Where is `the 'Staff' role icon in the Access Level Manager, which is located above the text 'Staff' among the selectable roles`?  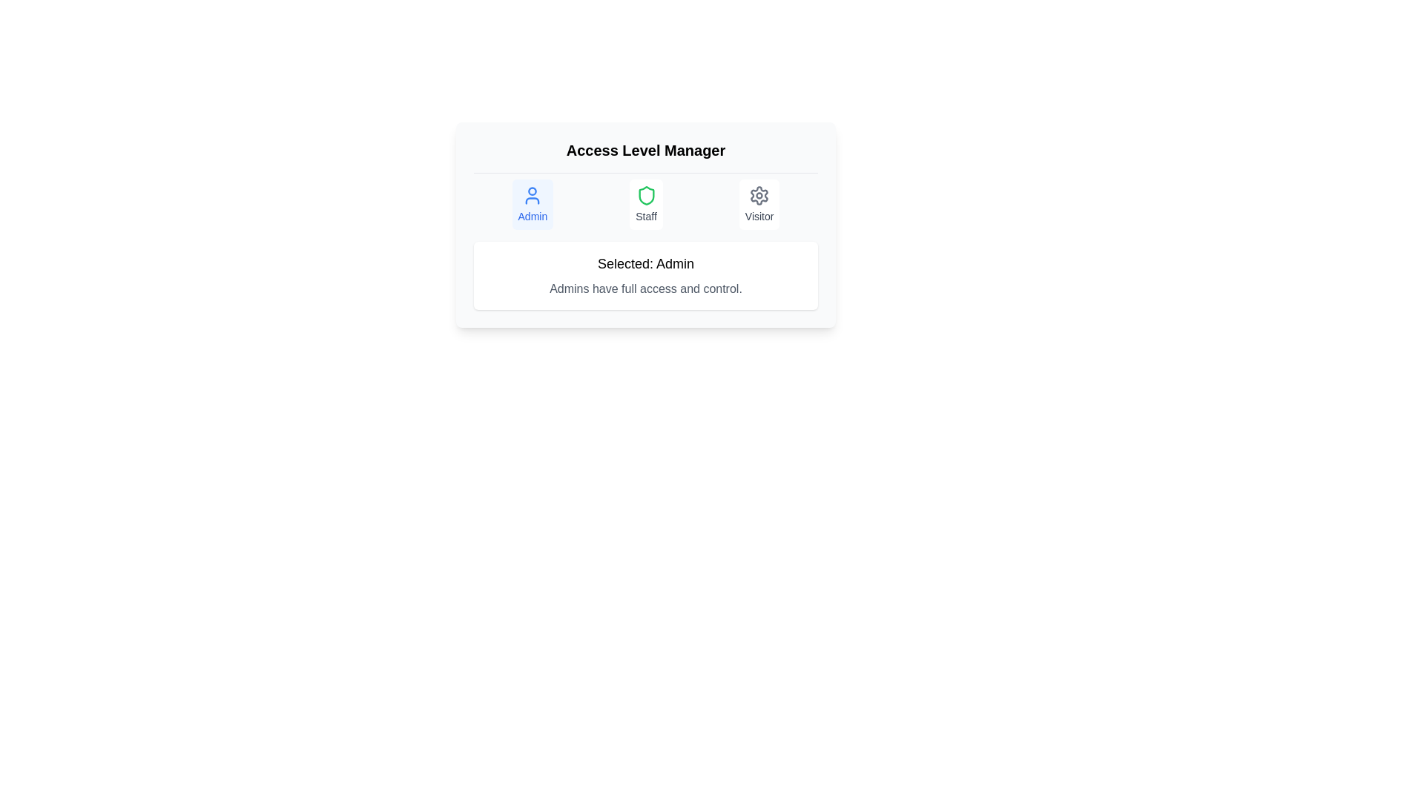
the 'Staff' role icon in the Access Level Manager, which is located above the text 'Staff' among the selectable roles is located at coordinates (646, 194).